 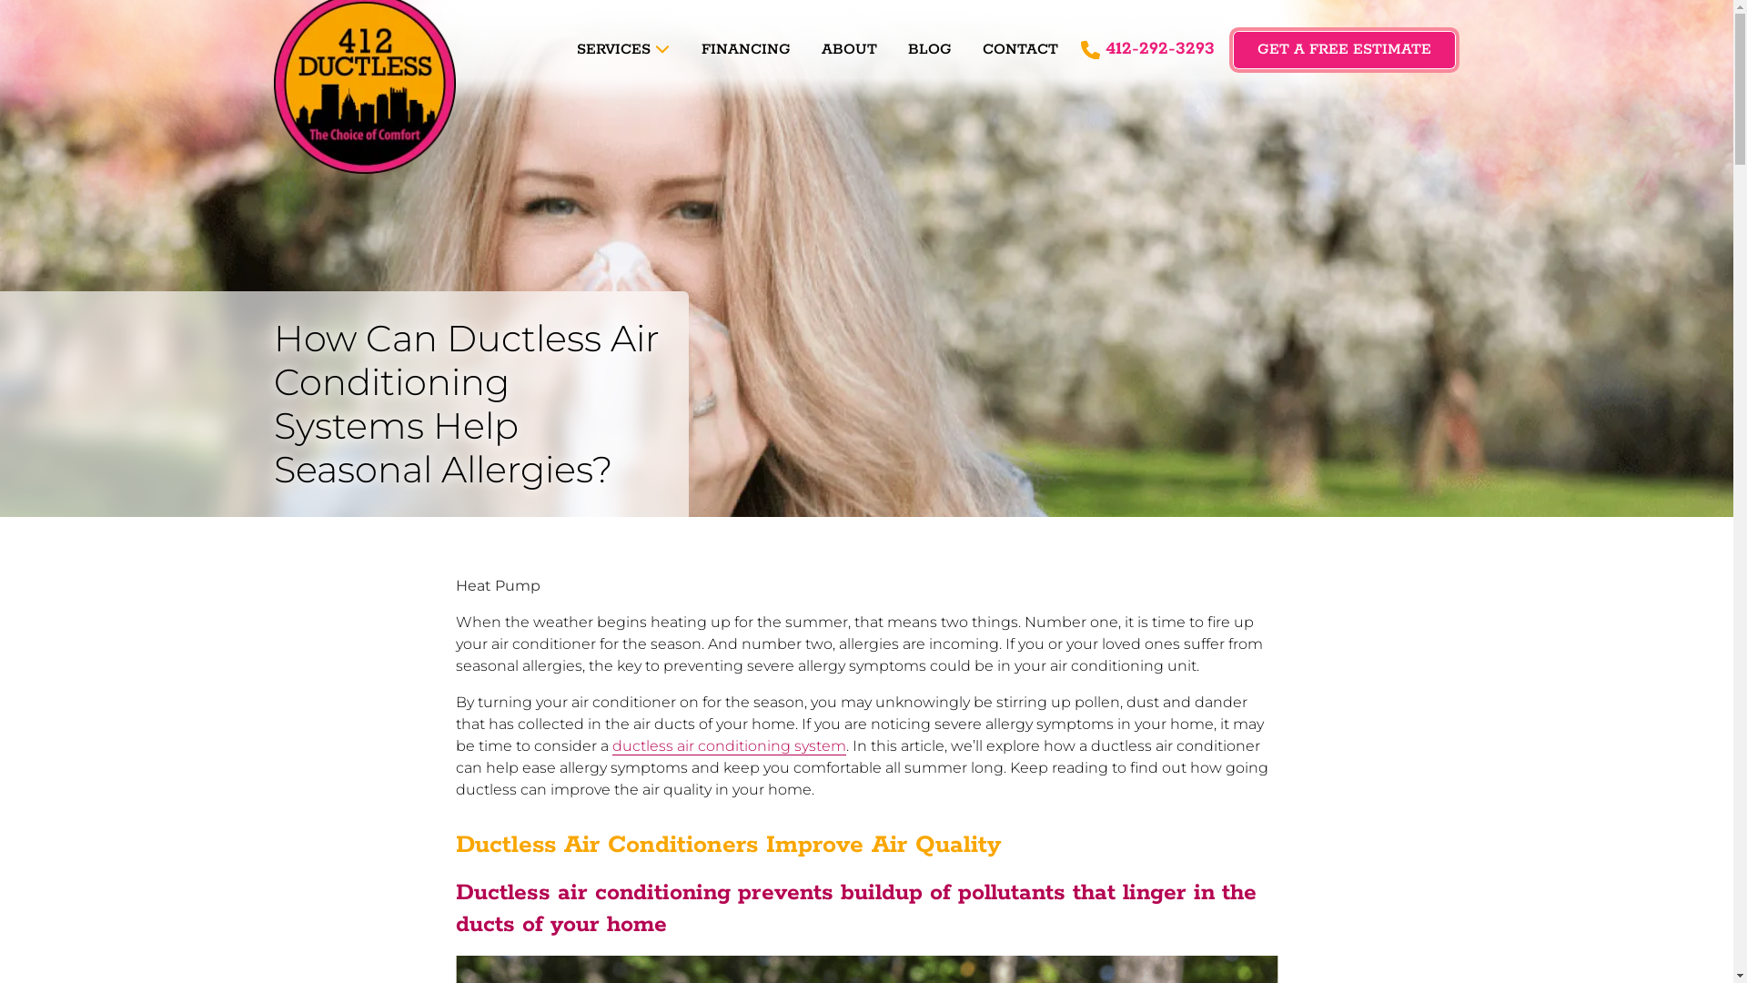 What do you see at coordinates (848, 49) in the screenshot?
I see `'ABOUT'` at bounding box center [848, 49].